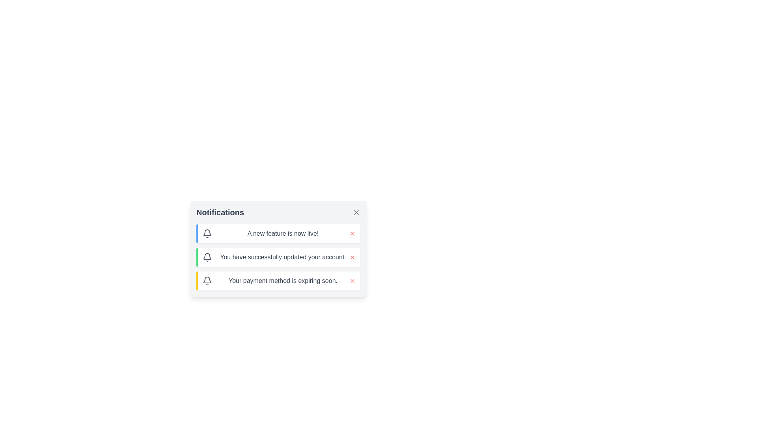  I want to click on the close button located at the far right of the notification bar that reads 'Your payment method is expiring soon' to change its color intensity, so click(352, 280).